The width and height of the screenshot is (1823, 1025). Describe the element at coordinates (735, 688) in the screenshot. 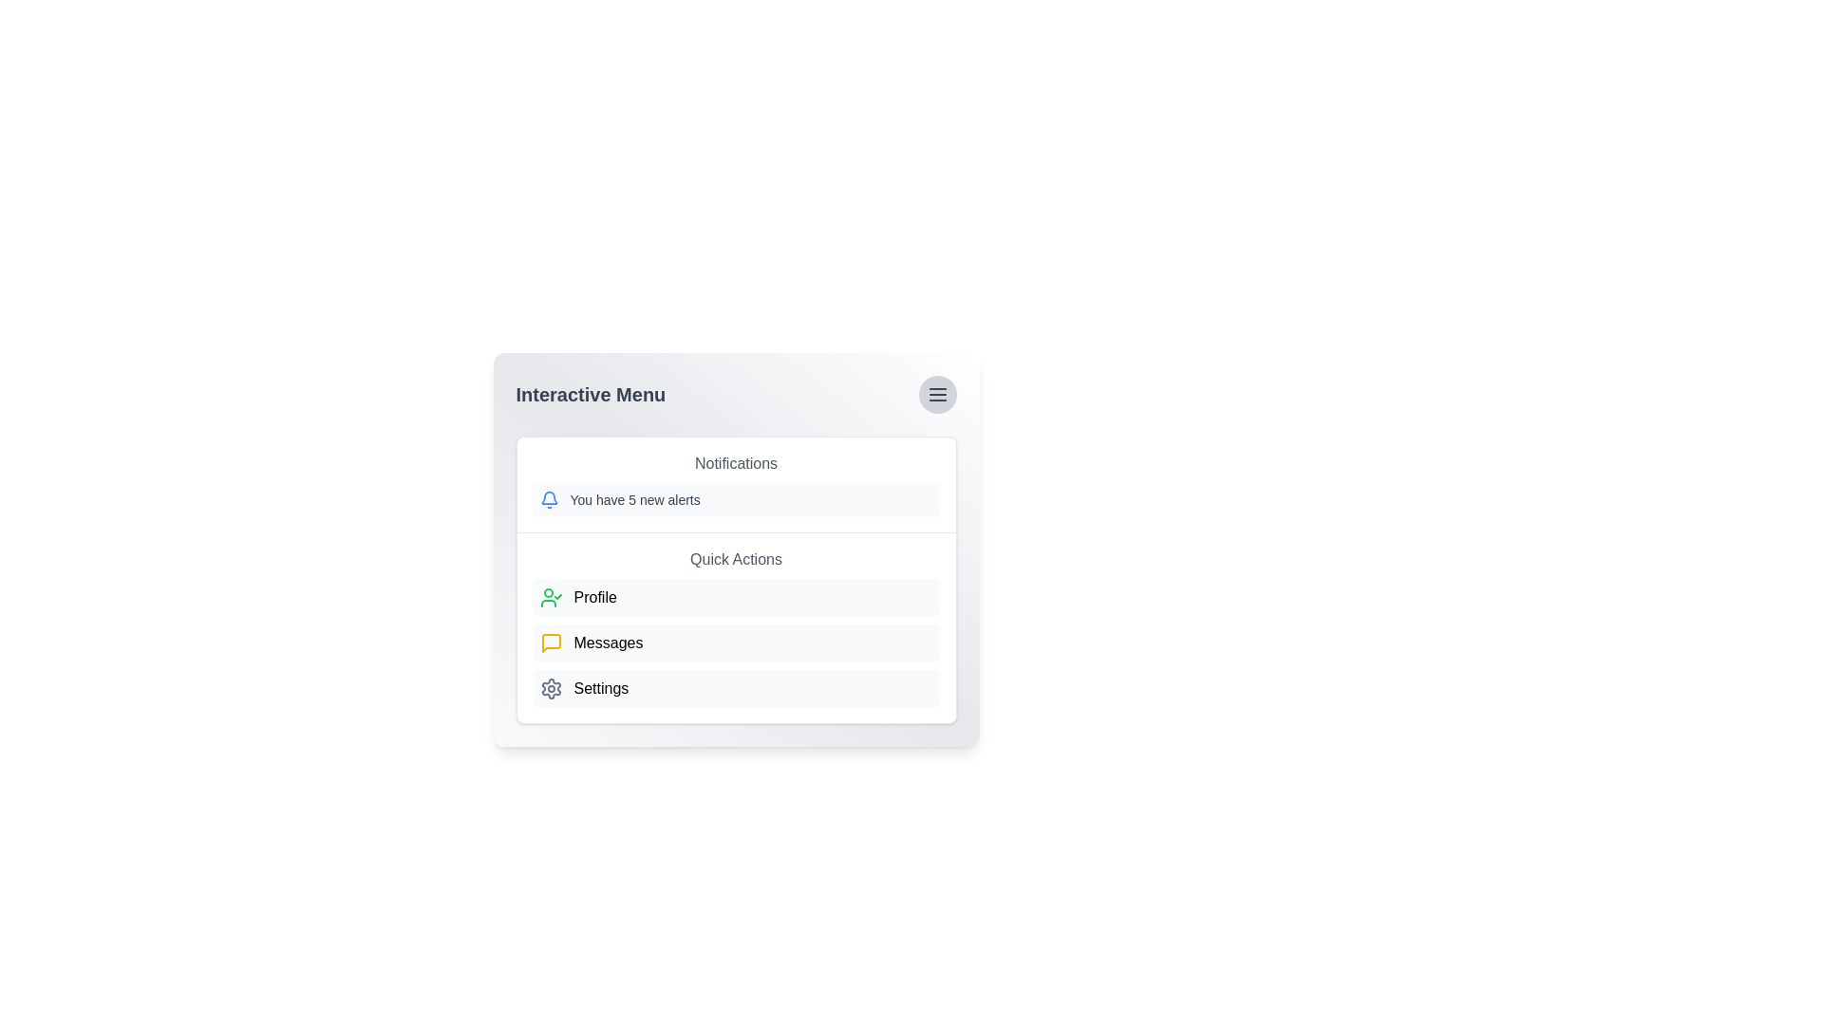

I see `the 'Settings' button in the interactive menu` at that location.